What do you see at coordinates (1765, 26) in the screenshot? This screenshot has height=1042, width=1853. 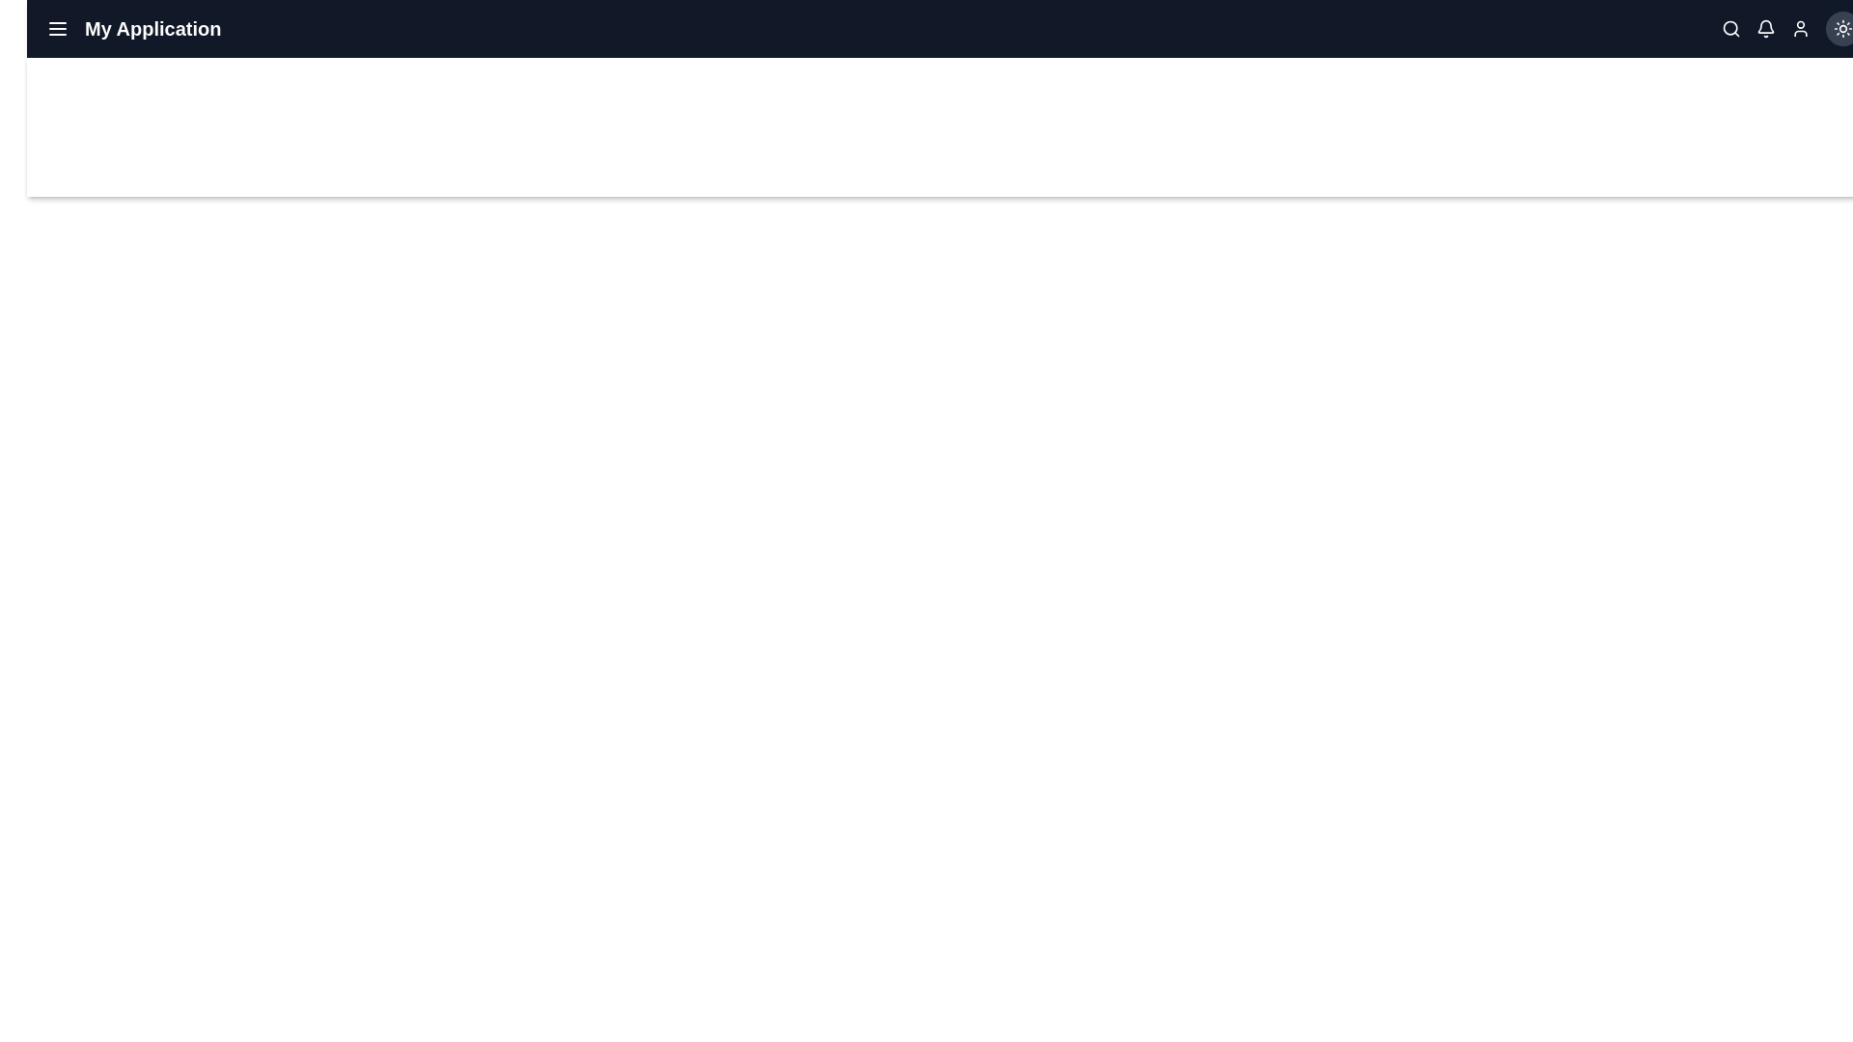 I see `the Notification bell icon located at the top-right portion of the interface` at bounding box center [1765, 26].